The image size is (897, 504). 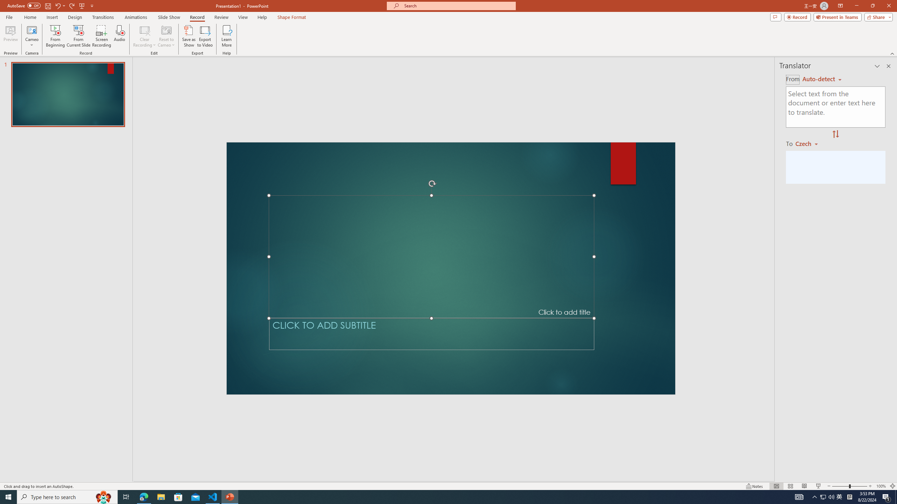 What do you see at coordinates (431, 334) in the screenshot?
I see `'Subtitle TextBox'` at bounding box center [431, 334].